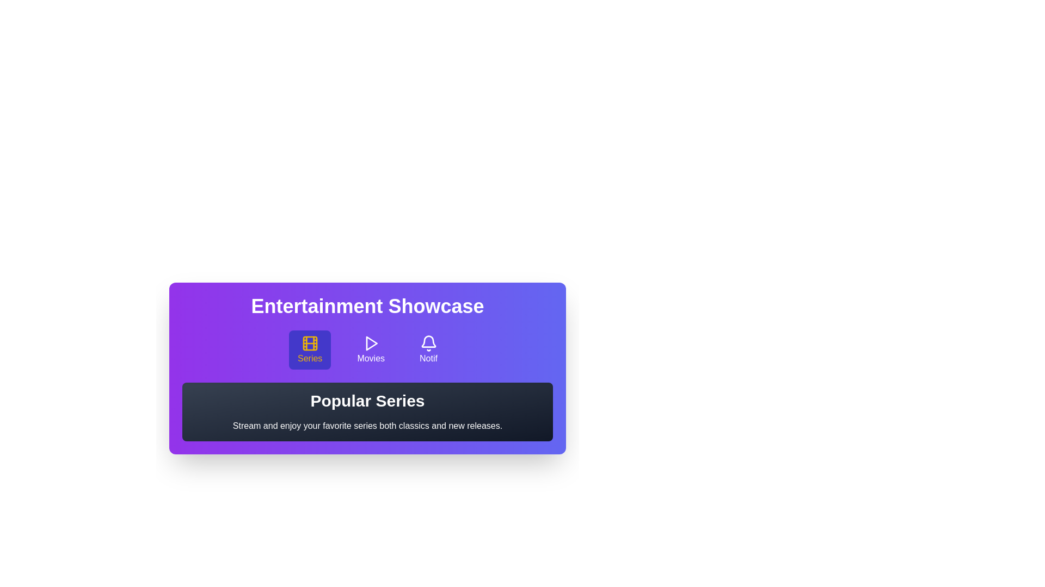  What do you see at coordinates (367, 425) in the screenshot?
I see `text label that contains 'Stream and enjoy your favorite series both classics and new releases.' located below the 'Popular Series' title` at bounding box center [367, 425].